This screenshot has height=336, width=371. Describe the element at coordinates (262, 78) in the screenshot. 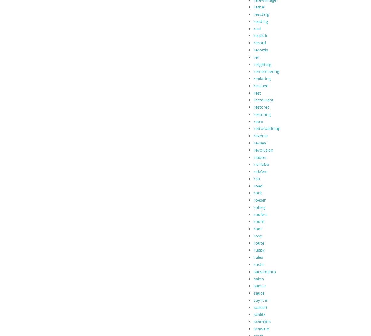

I see `'replacing'` at that location.